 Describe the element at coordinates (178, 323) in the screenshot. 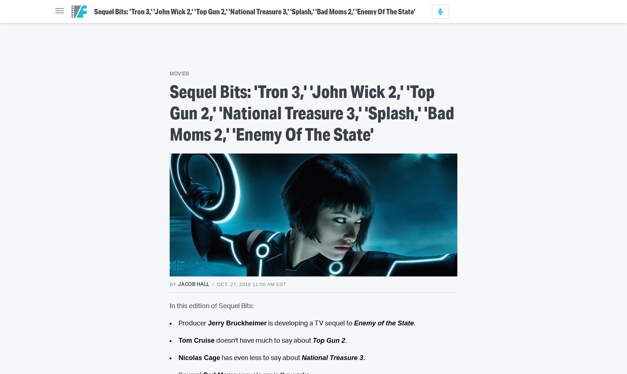

I see `'Producer'` at that location.